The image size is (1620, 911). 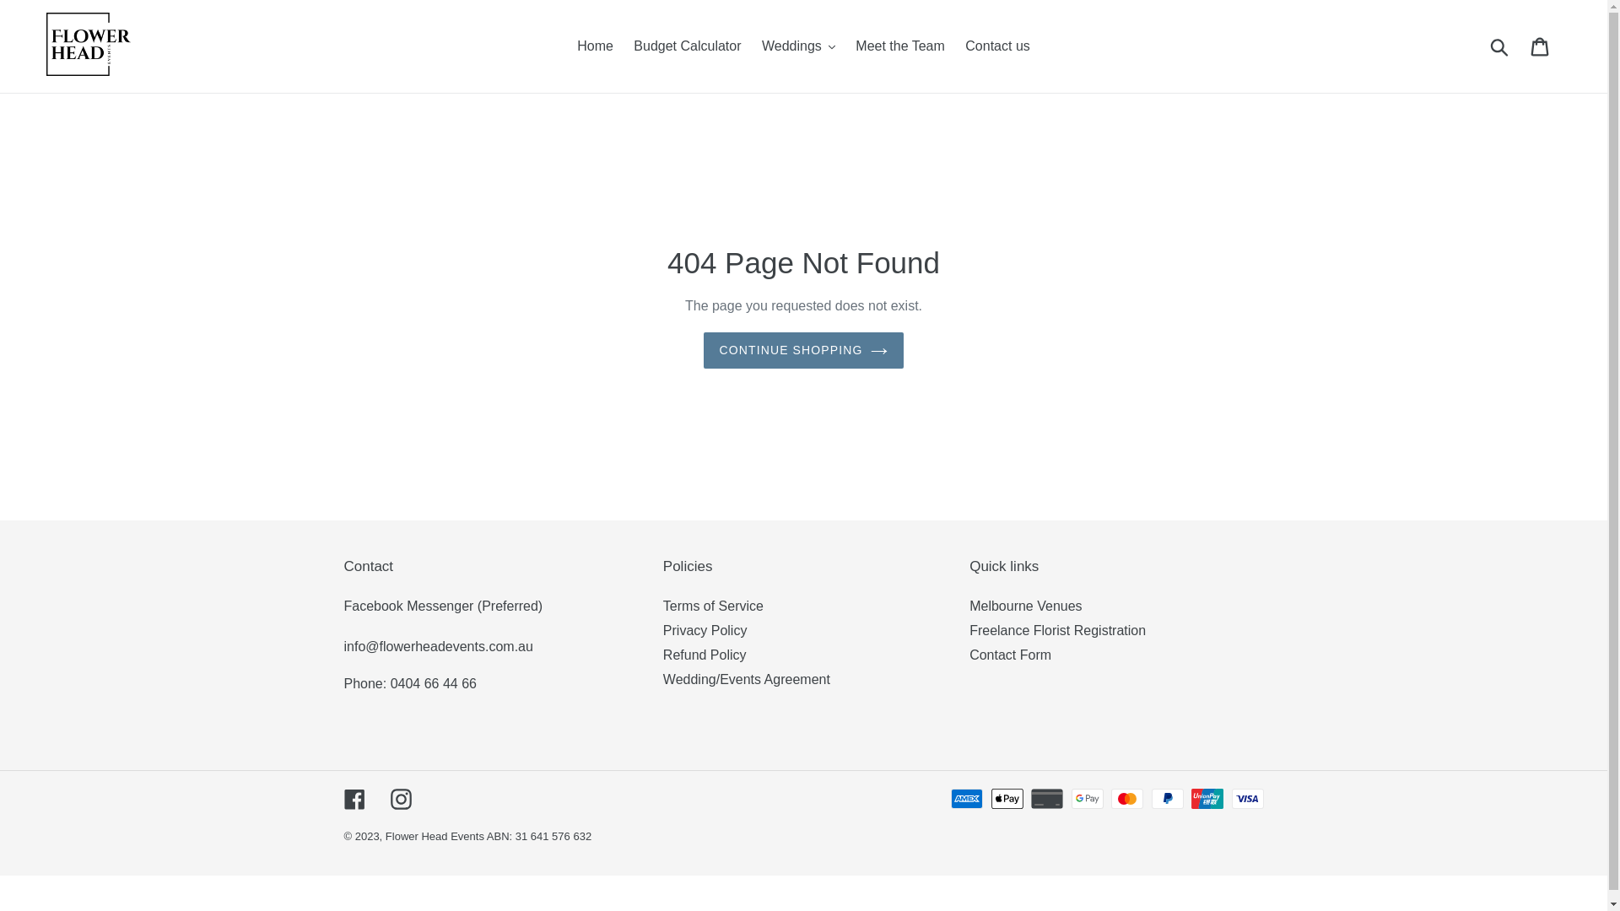 What do you see at coordinates (687, 45) in the screenshot?
I see `'Budget Calculator'` at bounding box center [687, 45].